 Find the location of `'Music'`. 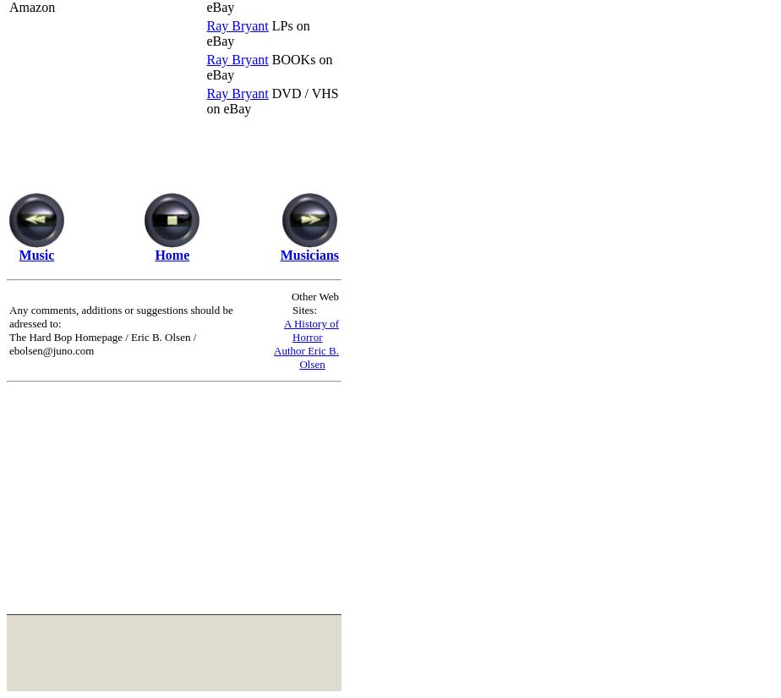

'Music' is located at coordinates (35, 254).